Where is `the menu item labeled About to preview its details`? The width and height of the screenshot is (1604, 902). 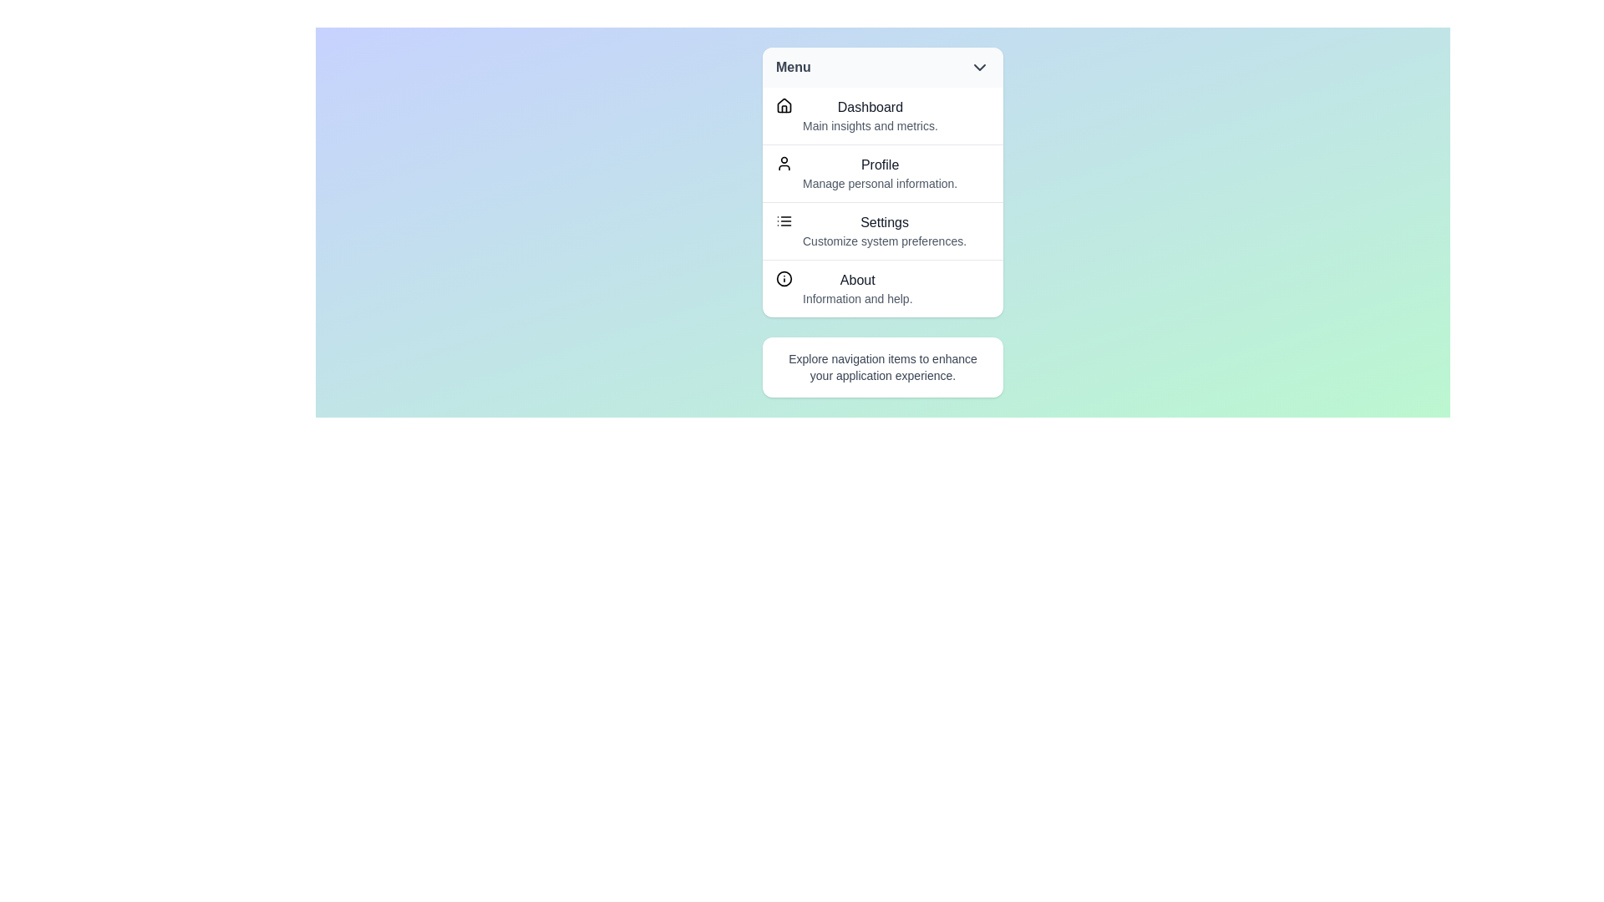
the menu item labeled About to preview its details is located at coordinates (881, 286).